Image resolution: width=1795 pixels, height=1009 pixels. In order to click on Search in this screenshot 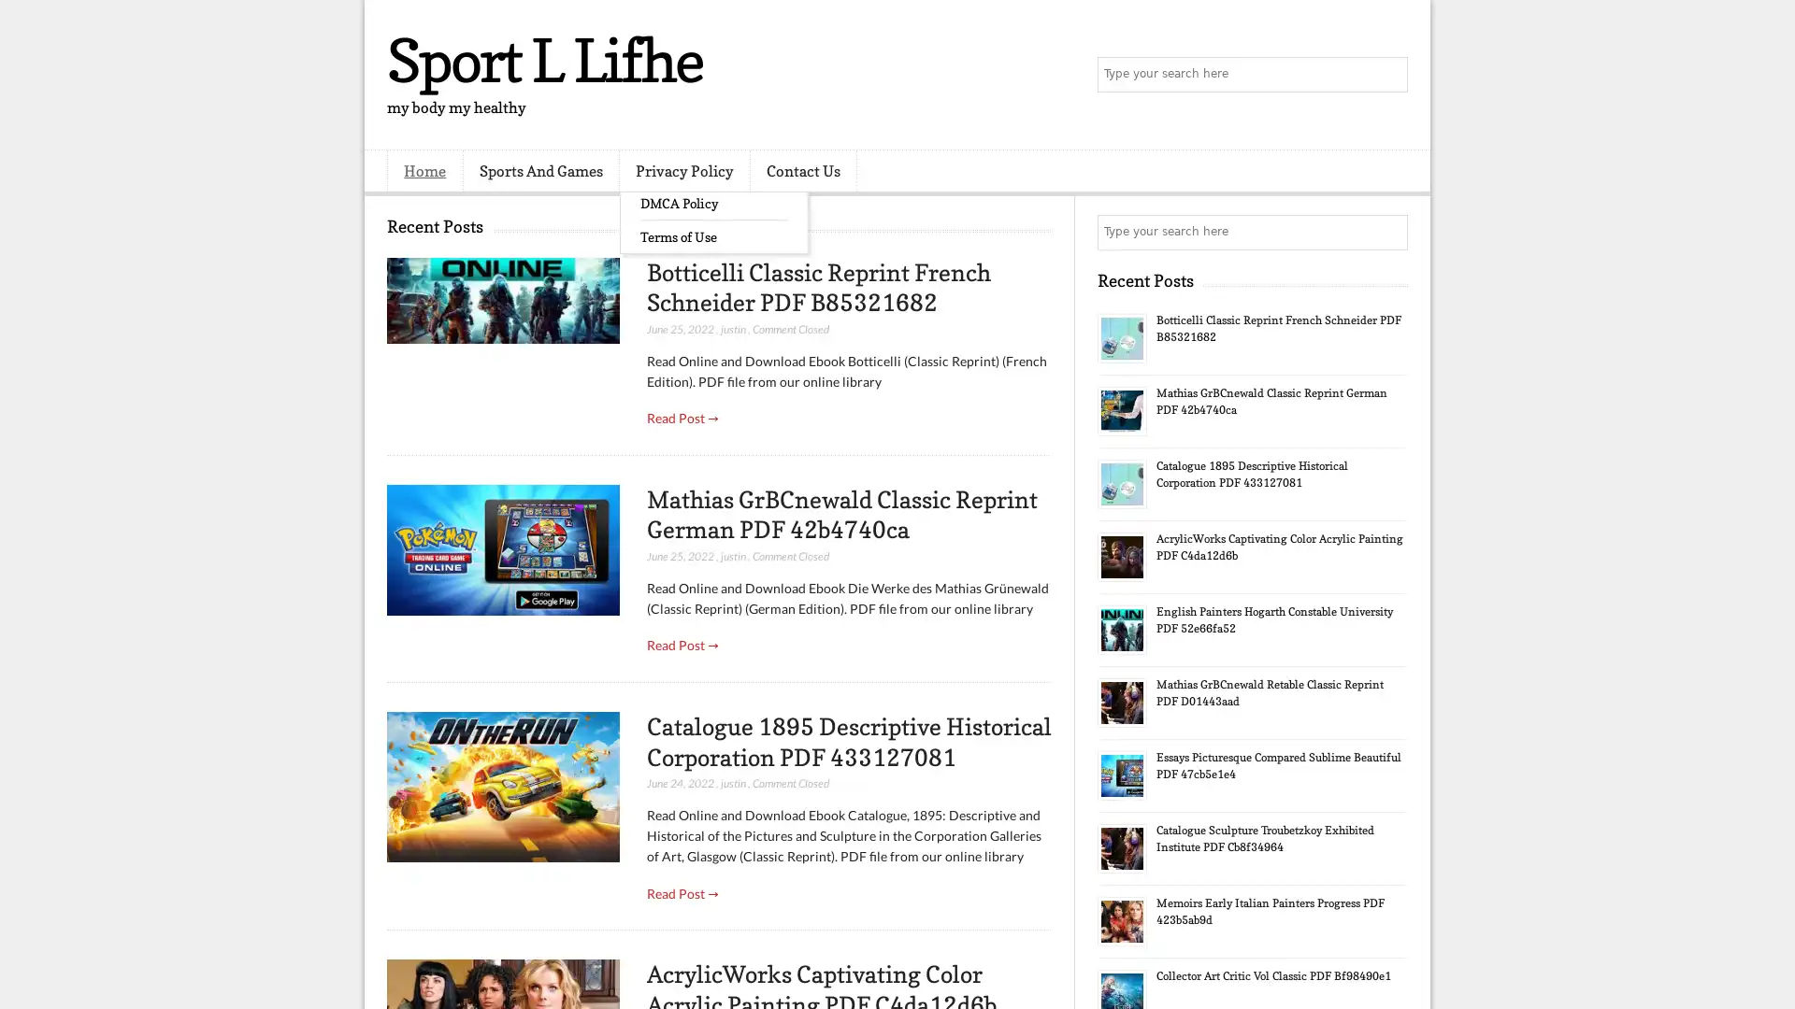, I will do `click(1388, 232)`.